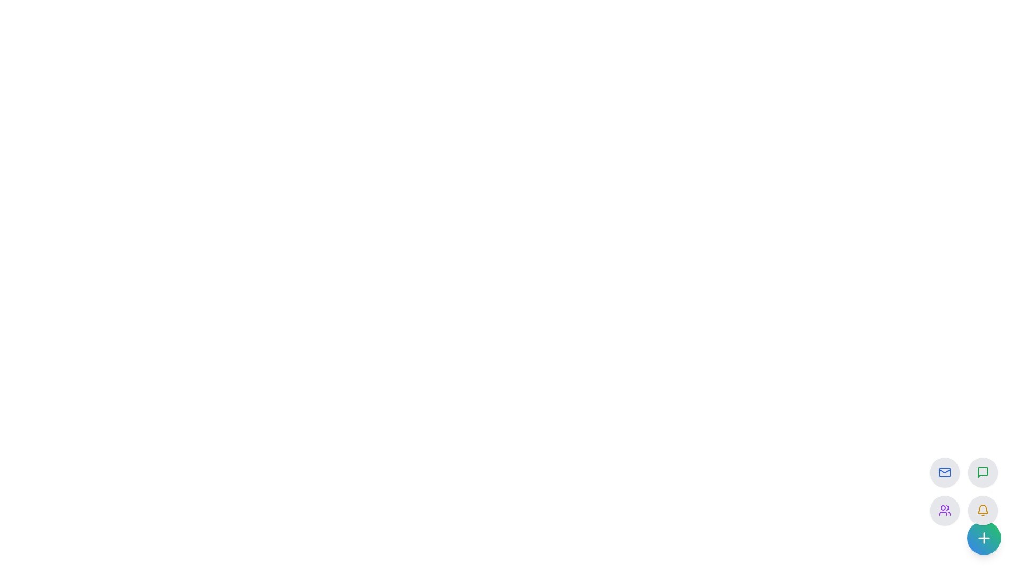  What do you see at coordinates (982, 510) in the screenshot?
I see `the yellow bell icon with a hollow outline and rounded knob, located at the center of the third circular button from the bottom on the right side of the interface` at bounding box center [982, 510].